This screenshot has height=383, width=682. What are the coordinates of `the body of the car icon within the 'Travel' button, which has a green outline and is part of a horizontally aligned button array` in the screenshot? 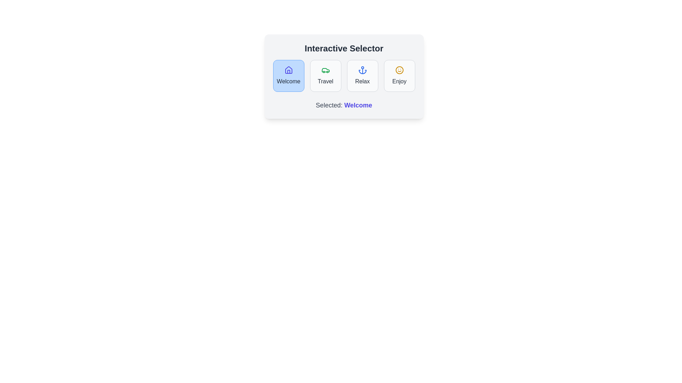 It's located at (325, 70).